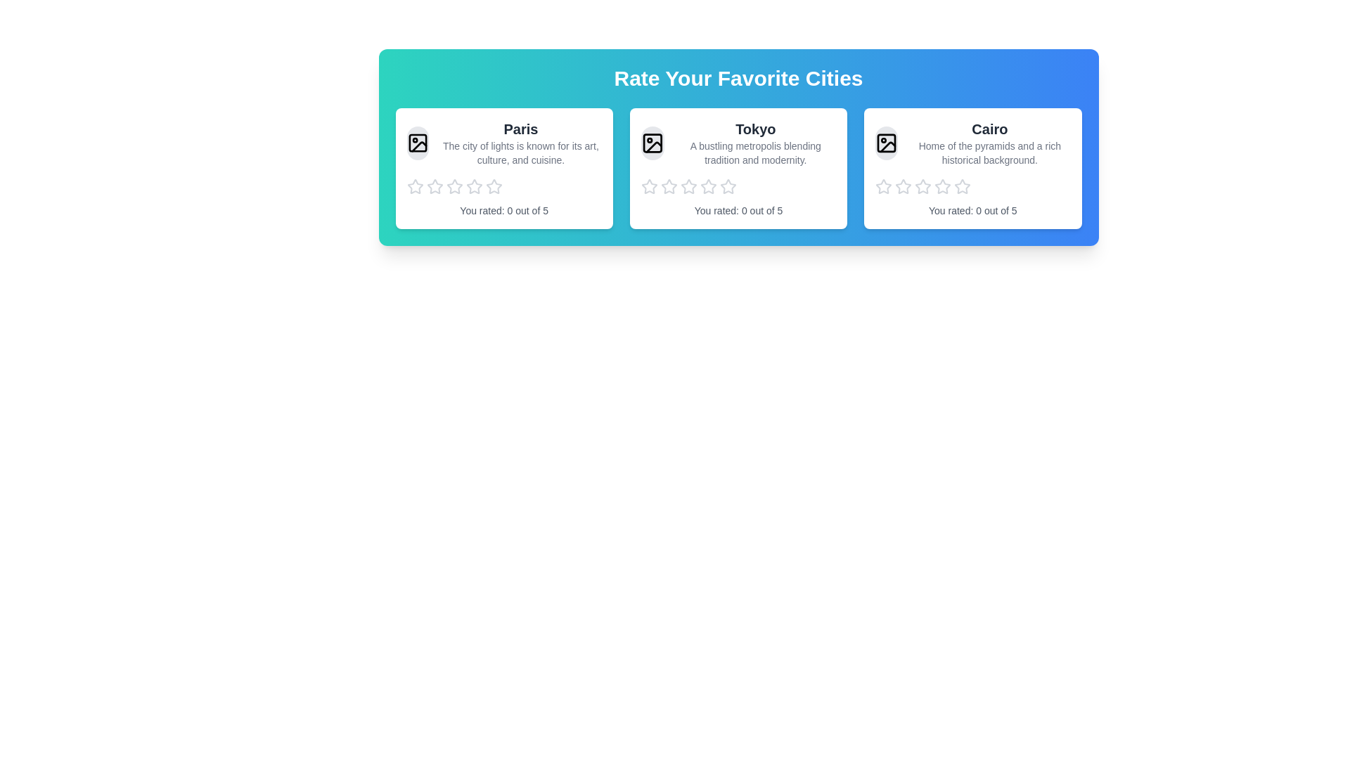 The image size is (1350, 759). What do you see at coordinates (904, 186) in the screenshot?
I see `the second rating star icon in the row of five stars on the card labeled 'Cairo' for keyboard interaction` at bounding box center [904, 186].